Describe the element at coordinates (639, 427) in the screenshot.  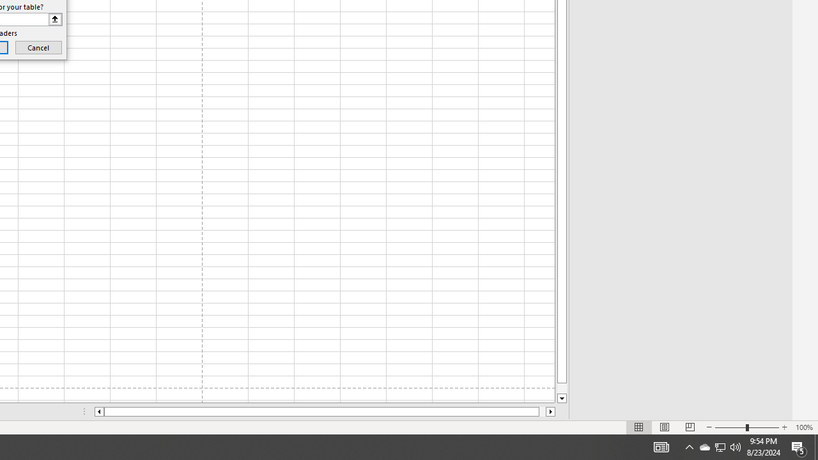
I see `'Normal'` at that location.